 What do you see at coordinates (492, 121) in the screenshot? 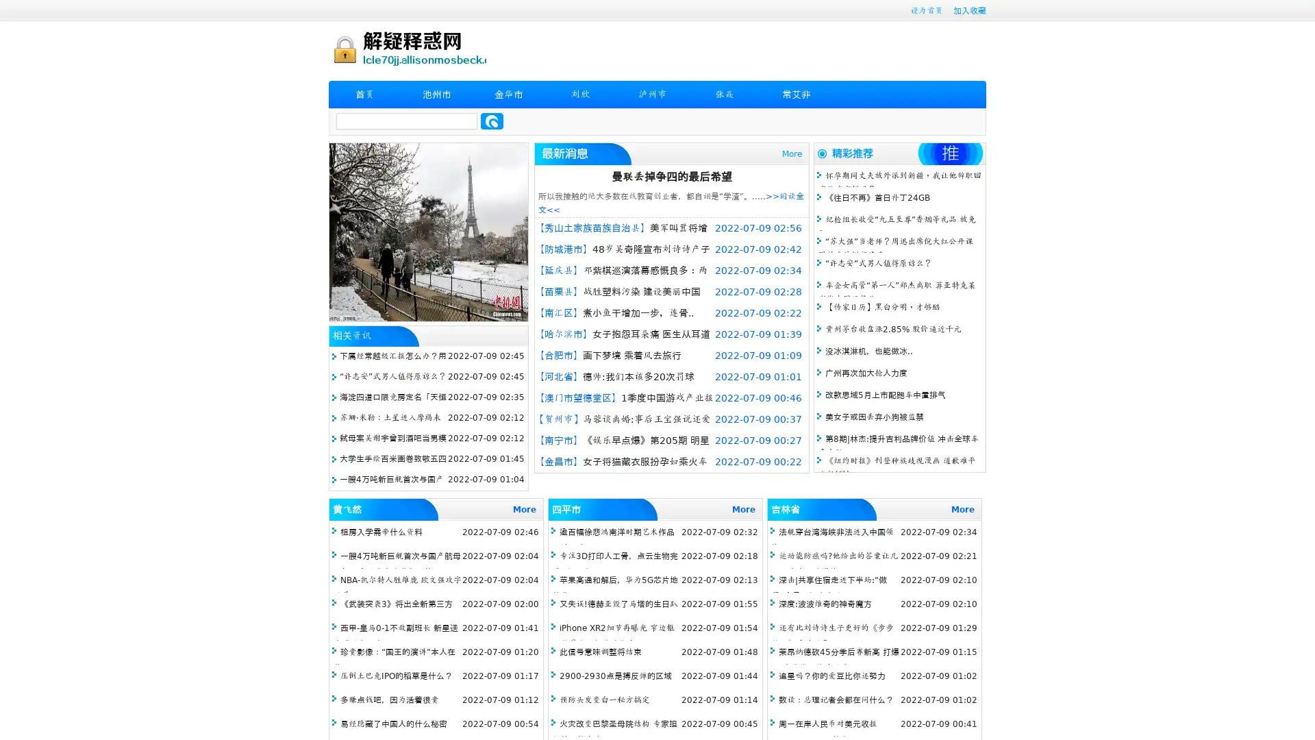
I see `Search` at bounding box center [492, 121].